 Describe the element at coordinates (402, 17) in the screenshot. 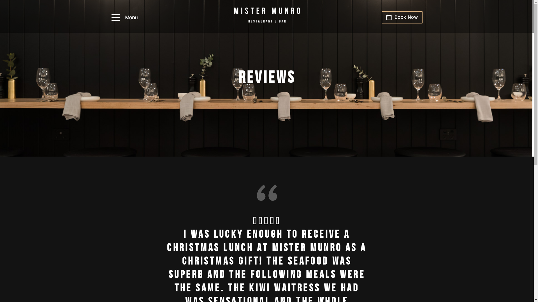

I see `'Book Now'` at that location.